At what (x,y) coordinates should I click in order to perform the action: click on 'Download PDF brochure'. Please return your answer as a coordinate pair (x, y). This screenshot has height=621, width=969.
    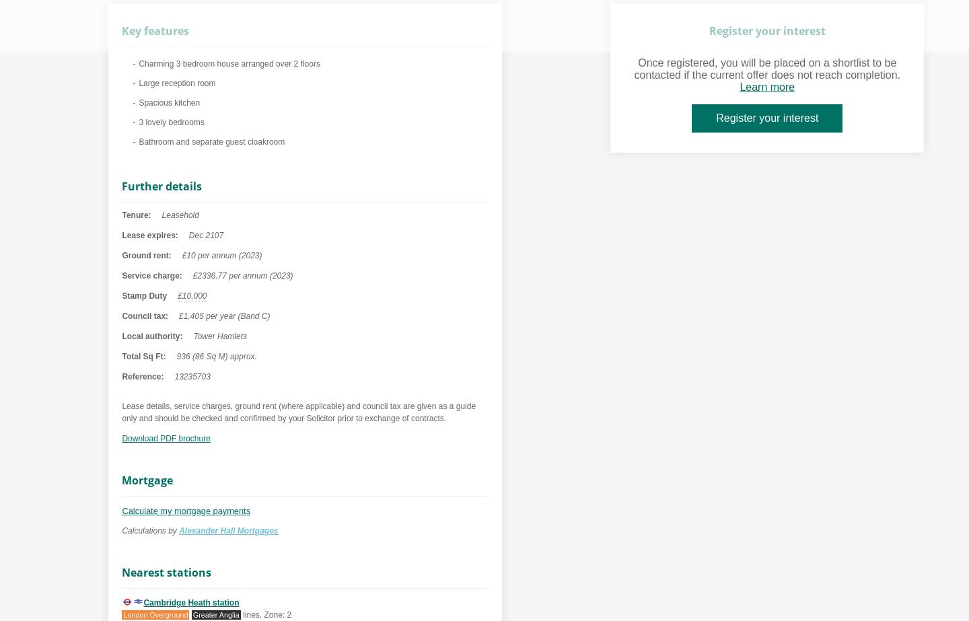
    Looking at the image, I should click on (165, 438).